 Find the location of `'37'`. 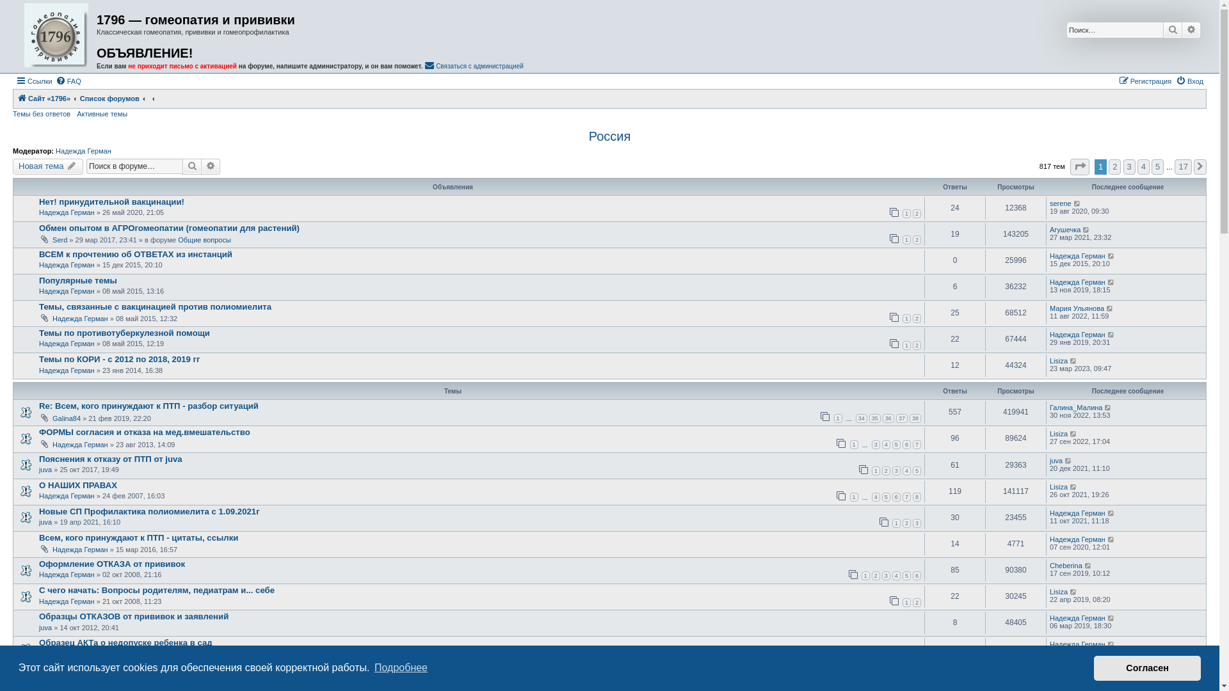

'37' is located at coordinates (896, 418).